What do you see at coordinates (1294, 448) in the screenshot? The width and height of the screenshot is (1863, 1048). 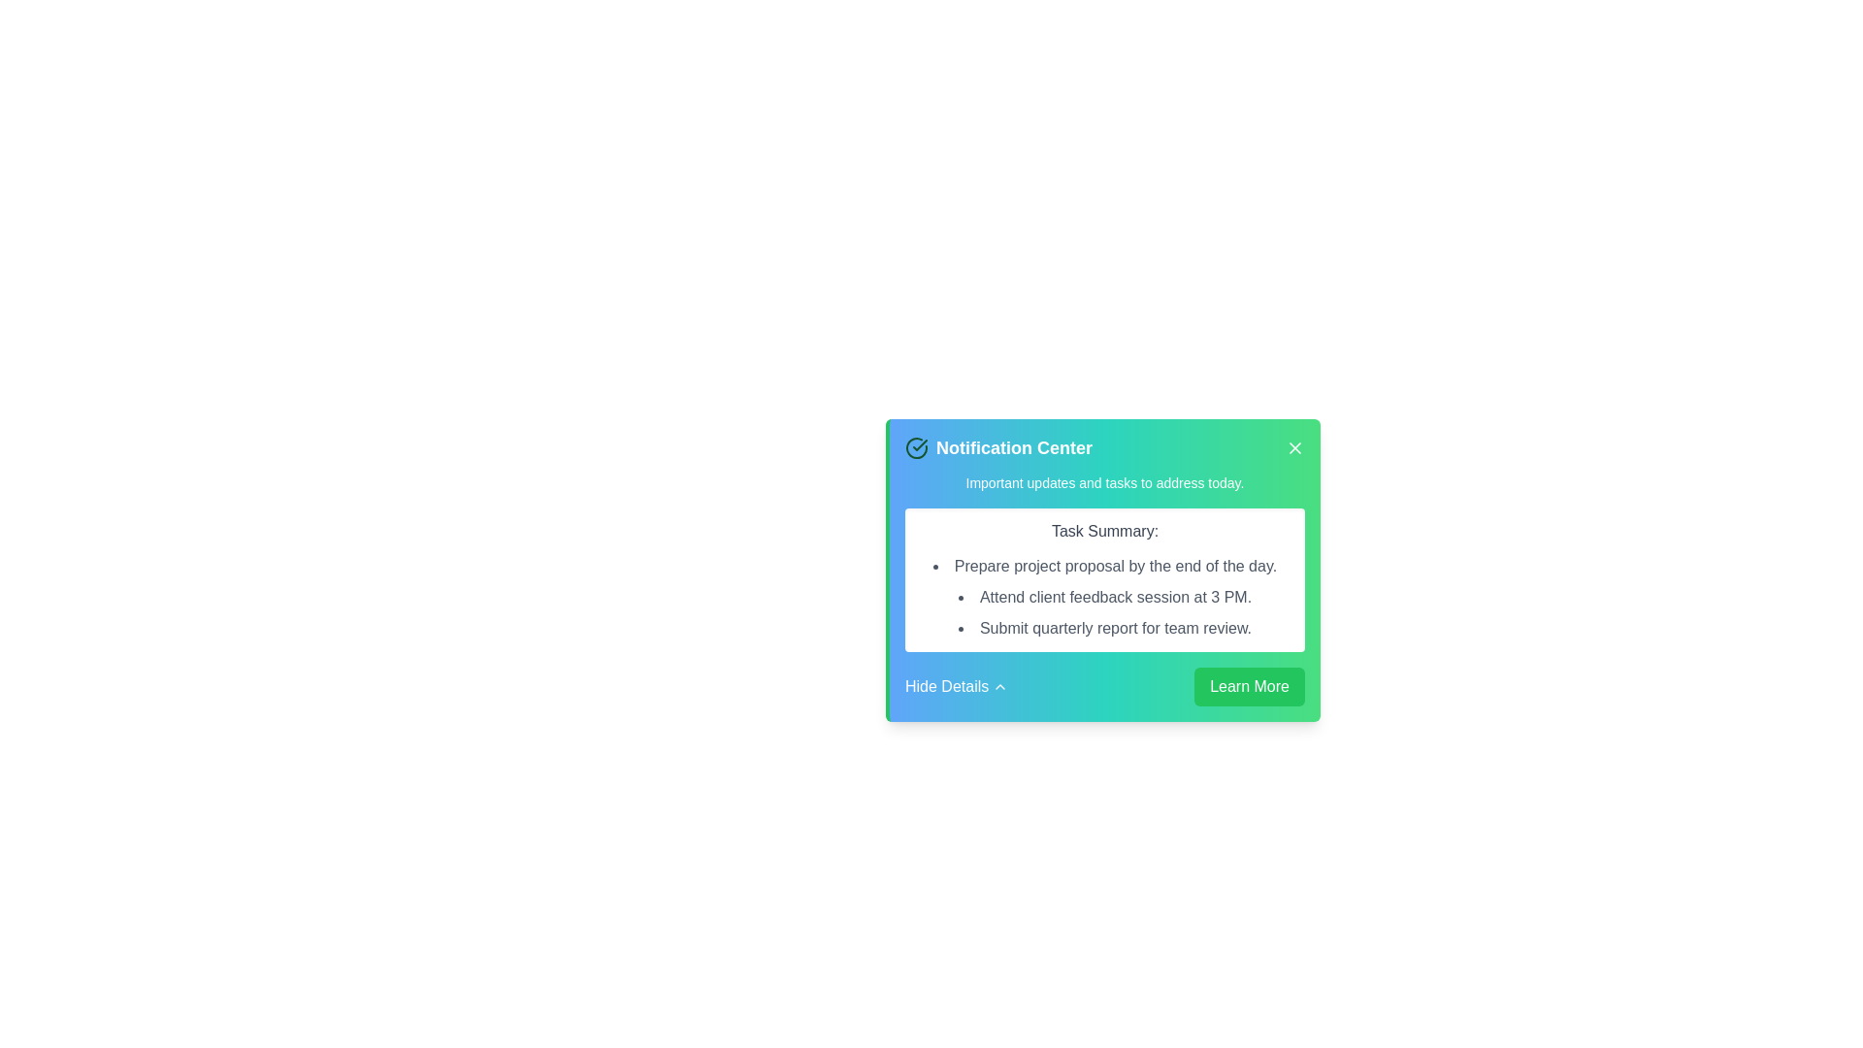 I see `the close button styled as an 'X' located` at bounding box center [1294, 448].